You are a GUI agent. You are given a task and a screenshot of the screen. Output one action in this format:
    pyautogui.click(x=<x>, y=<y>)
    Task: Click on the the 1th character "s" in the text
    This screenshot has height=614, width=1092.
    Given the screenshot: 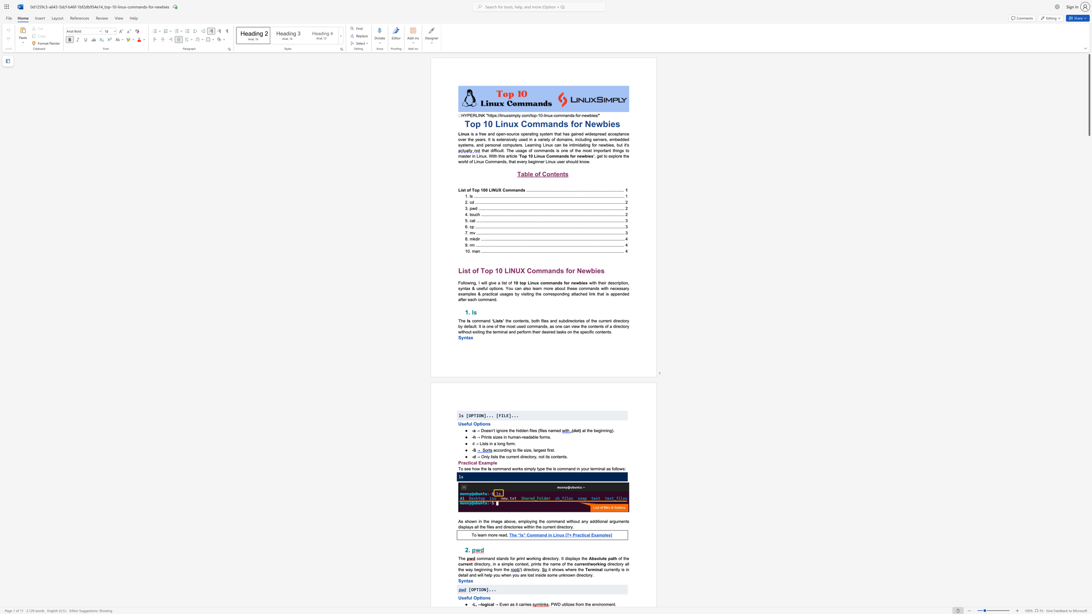 What is the action you would take?
    pyautogui.click(x=484, y=443)
    